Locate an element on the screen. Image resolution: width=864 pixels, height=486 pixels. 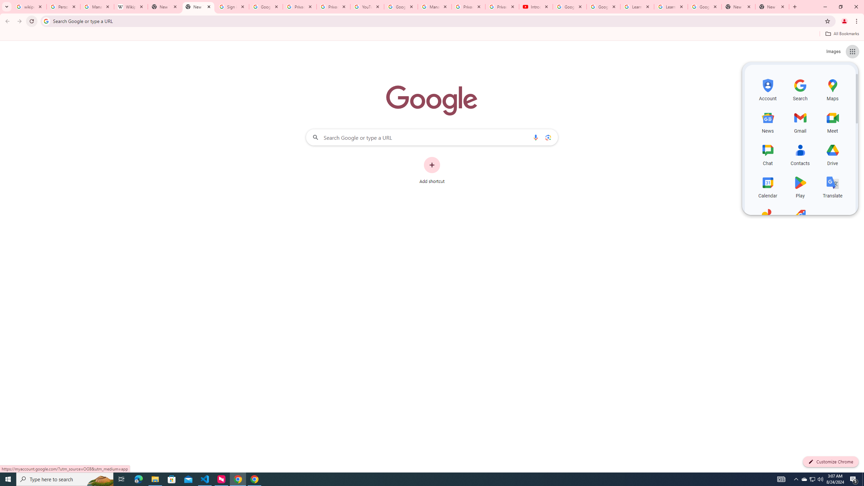
'Contacts, row 3 of 5 and column 2 of 3 in the first section' is located at coordinates (800, 154).